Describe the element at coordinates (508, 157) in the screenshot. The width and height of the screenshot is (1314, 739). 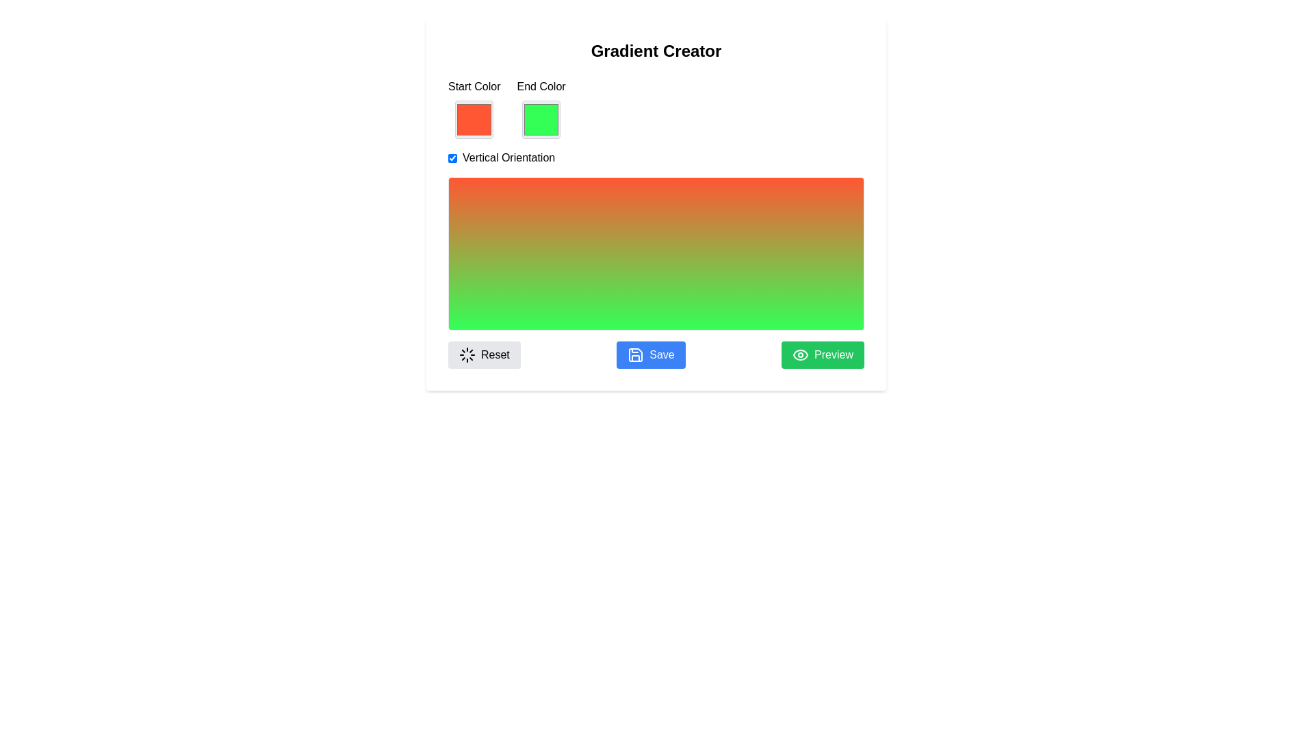
I see `the 'Vertical Orientation' text label` at that location.